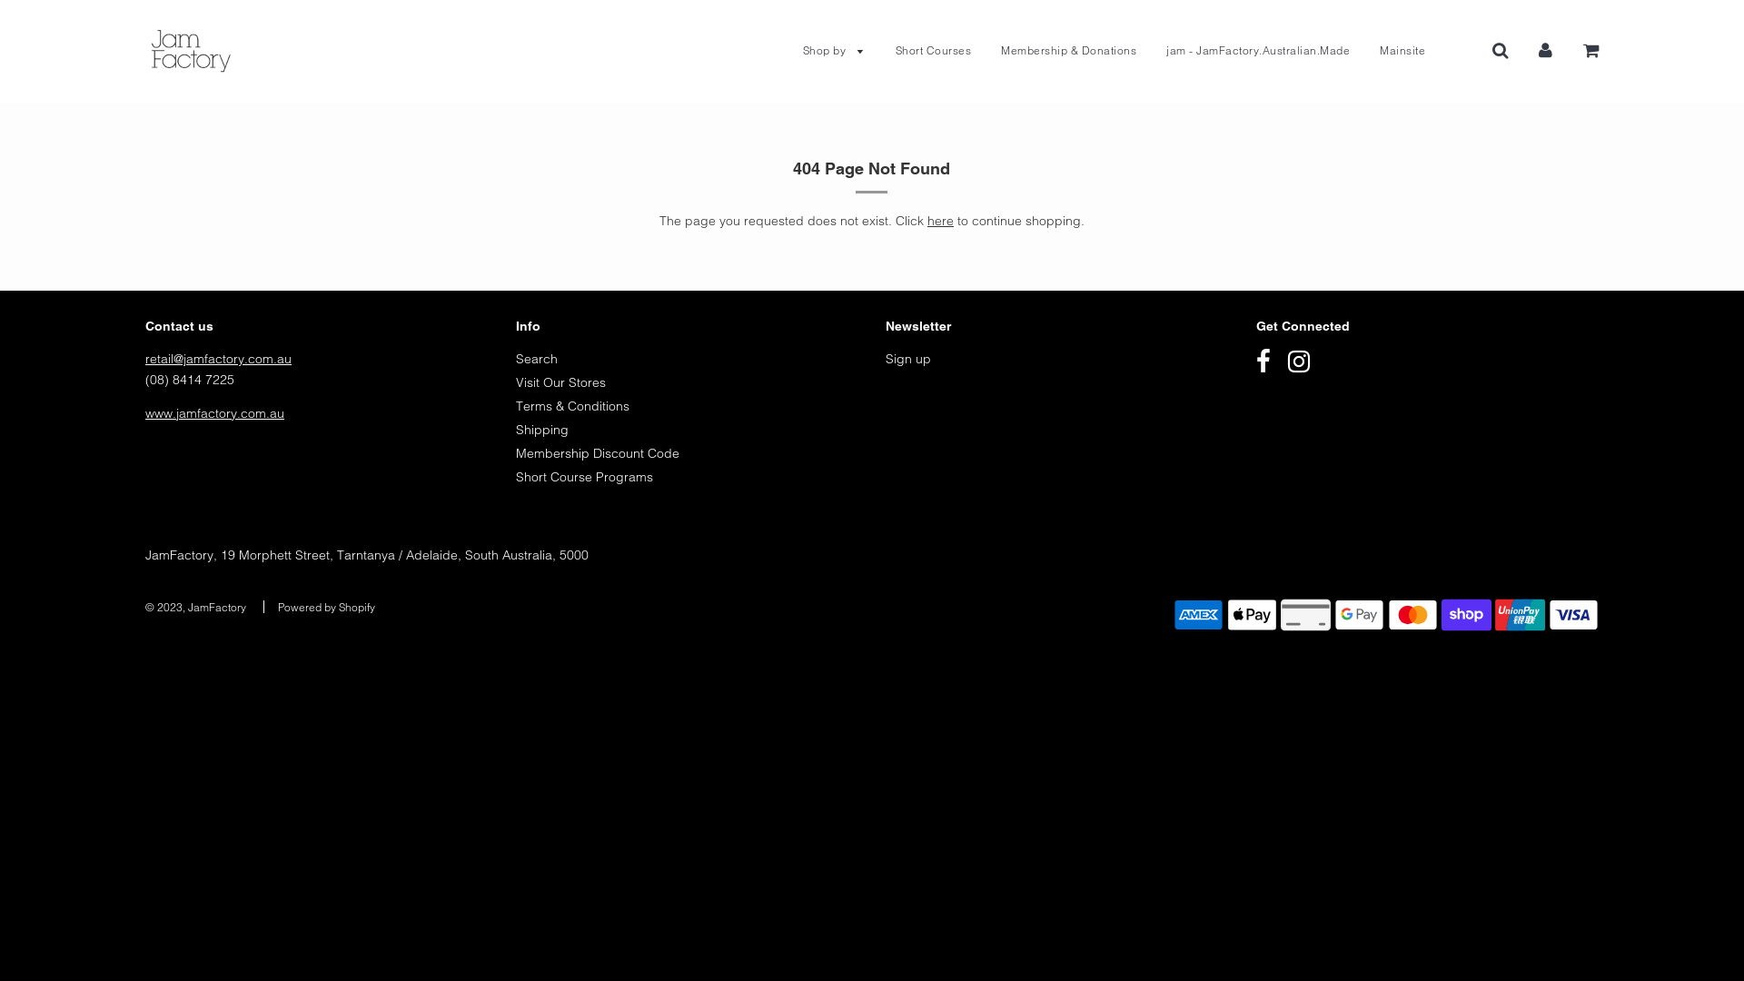  What do you see at coordinates (1068, 50) in the screenshot?
I see `'Membership & Donations'` at bounding box center [1068, 50].